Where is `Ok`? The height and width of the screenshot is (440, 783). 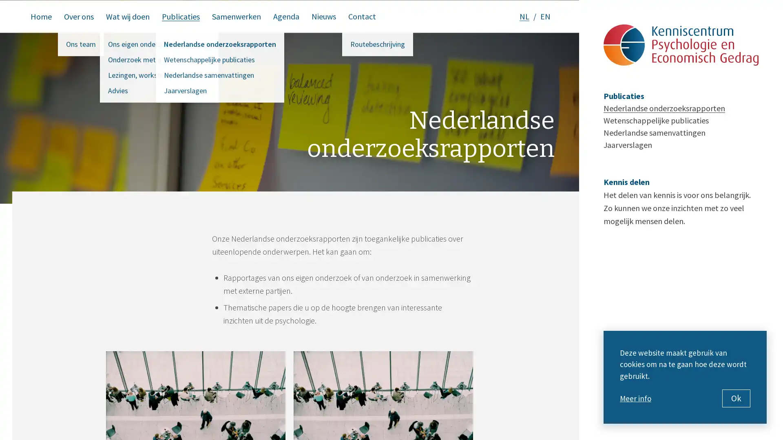 Ok is located at coordinates (736, 398).